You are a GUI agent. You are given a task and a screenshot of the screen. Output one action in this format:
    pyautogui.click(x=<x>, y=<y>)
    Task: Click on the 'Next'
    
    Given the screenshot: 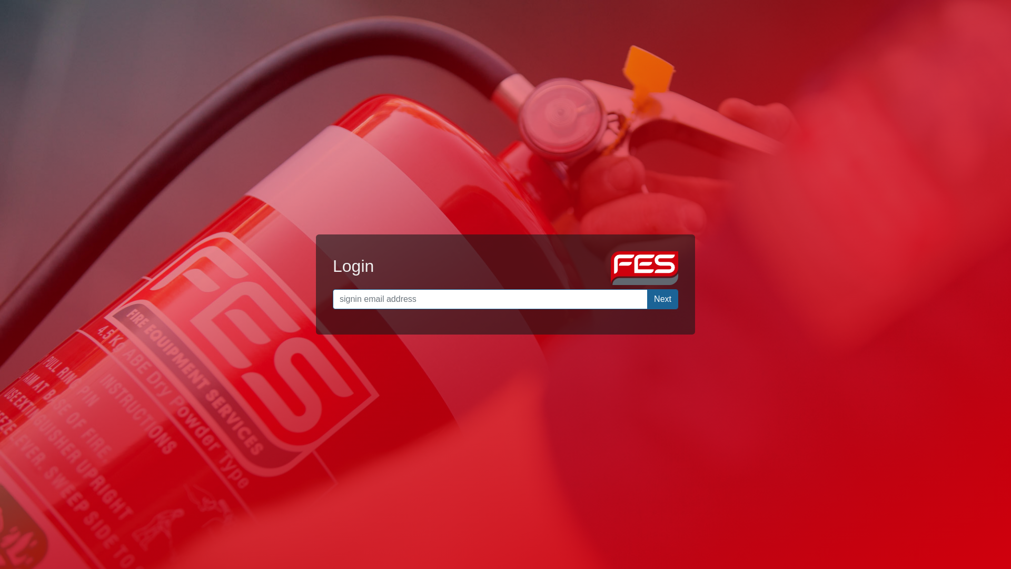 What is the action you would take?
    pyautogui.click(x=662, y=299)
    